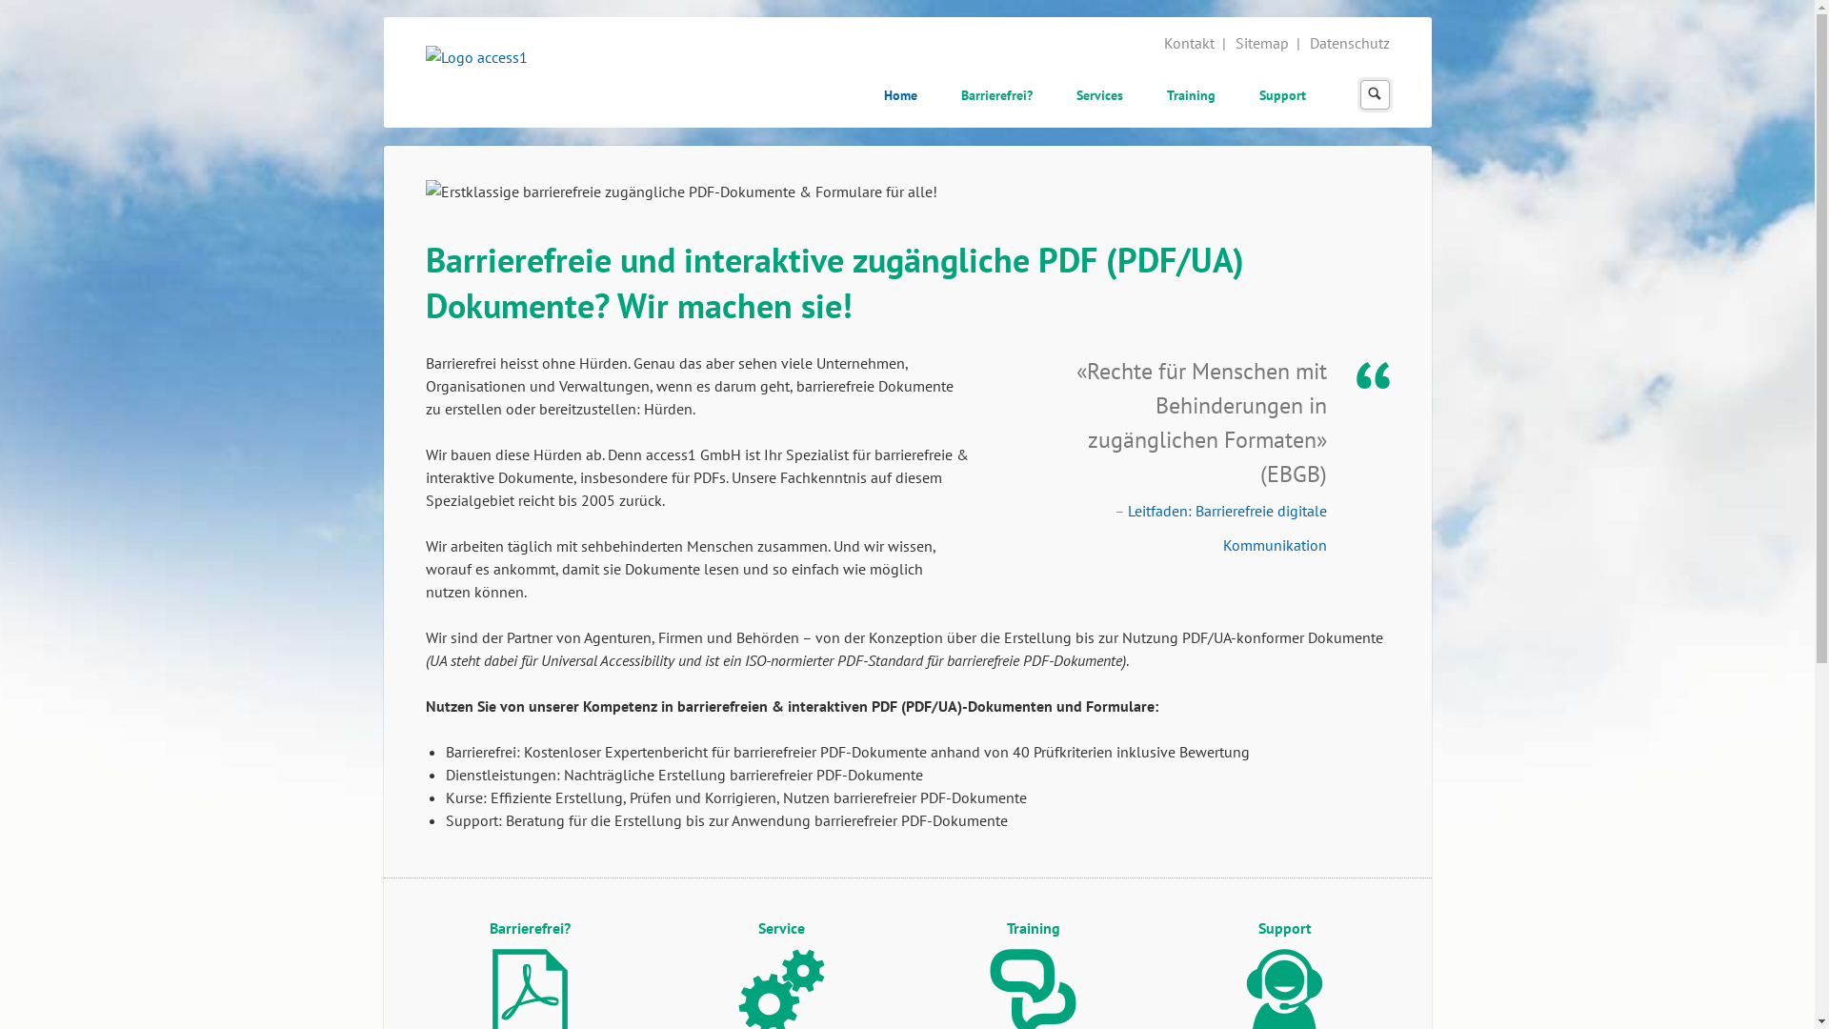  Describe the element at coordinates (1269, 43) in the screenshot. I see `'Sitemap  |'` at that location.